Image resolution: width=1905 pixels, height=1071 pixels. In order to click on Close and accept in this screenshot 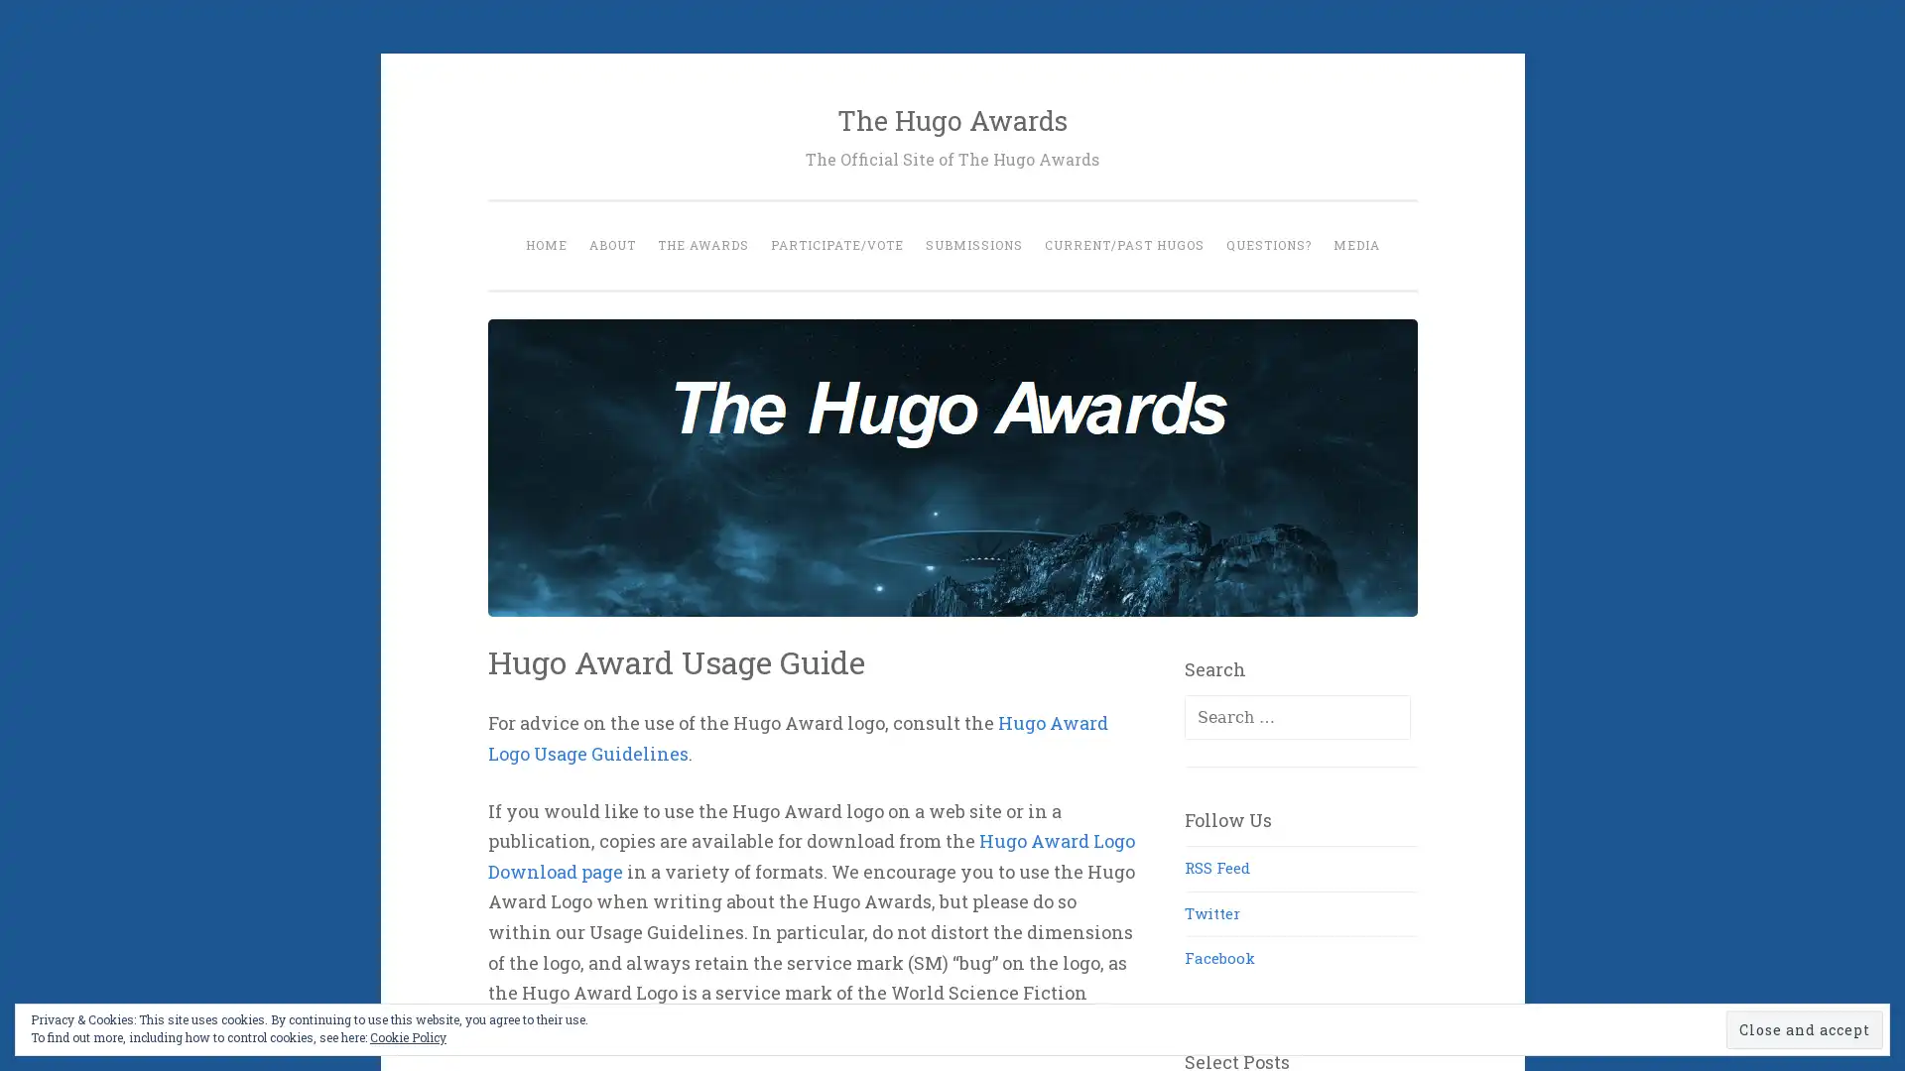, I will do `click(1805, 1028)`.